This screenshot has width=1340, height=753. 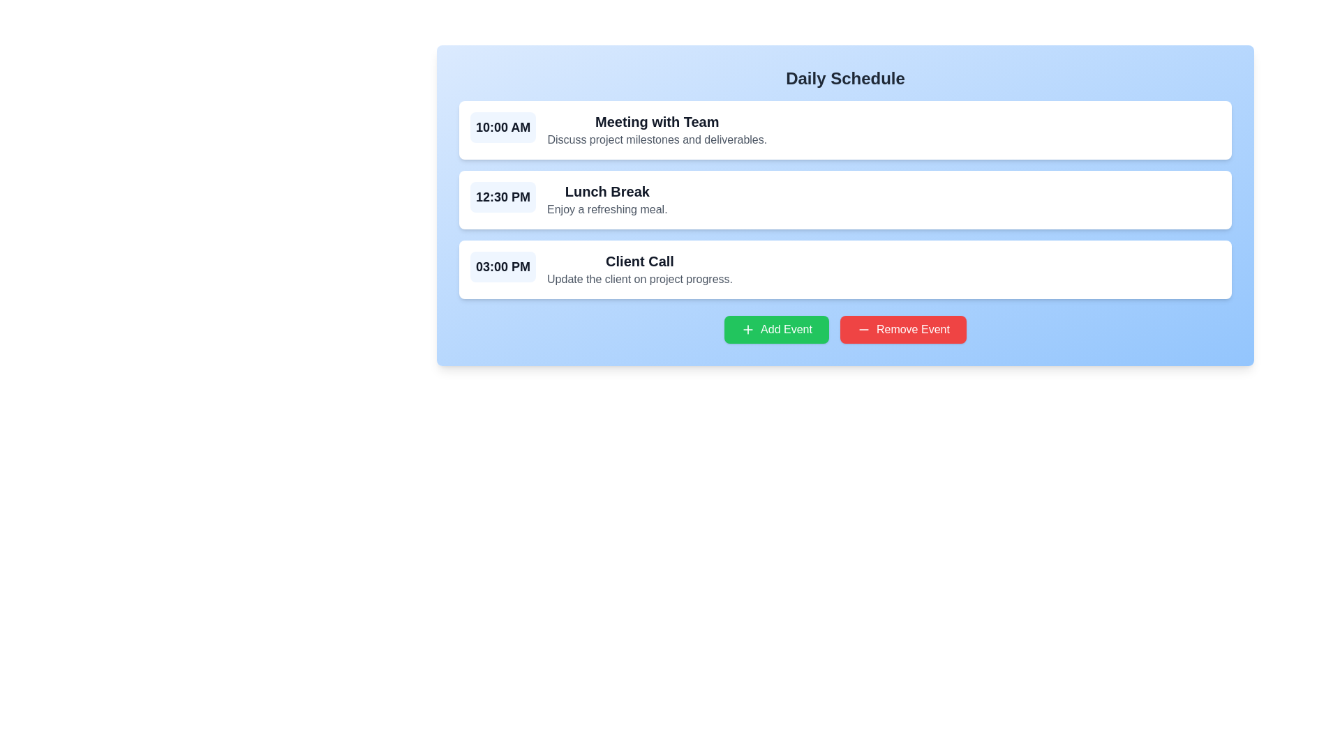 I want to click on text from the title and description block for the event scheduled at '03:00 PM', which includes 'Client Call' and details about the agenda, so click(x=639, y=269).